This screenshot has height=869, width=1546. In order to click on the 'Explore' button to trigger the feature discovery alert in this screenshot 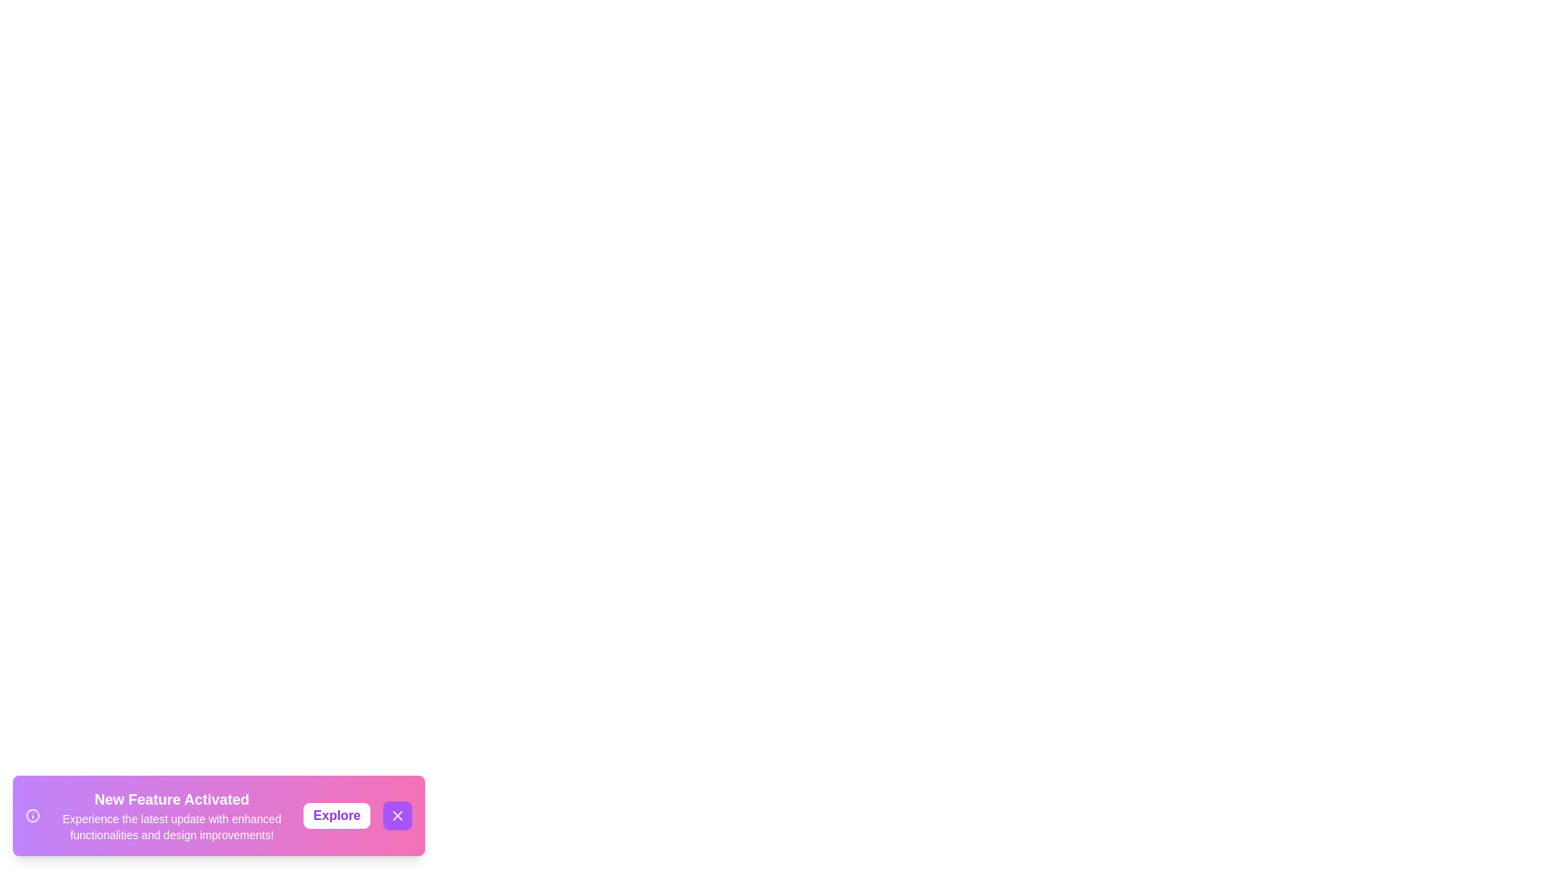, I will do `click(336, 816)`.